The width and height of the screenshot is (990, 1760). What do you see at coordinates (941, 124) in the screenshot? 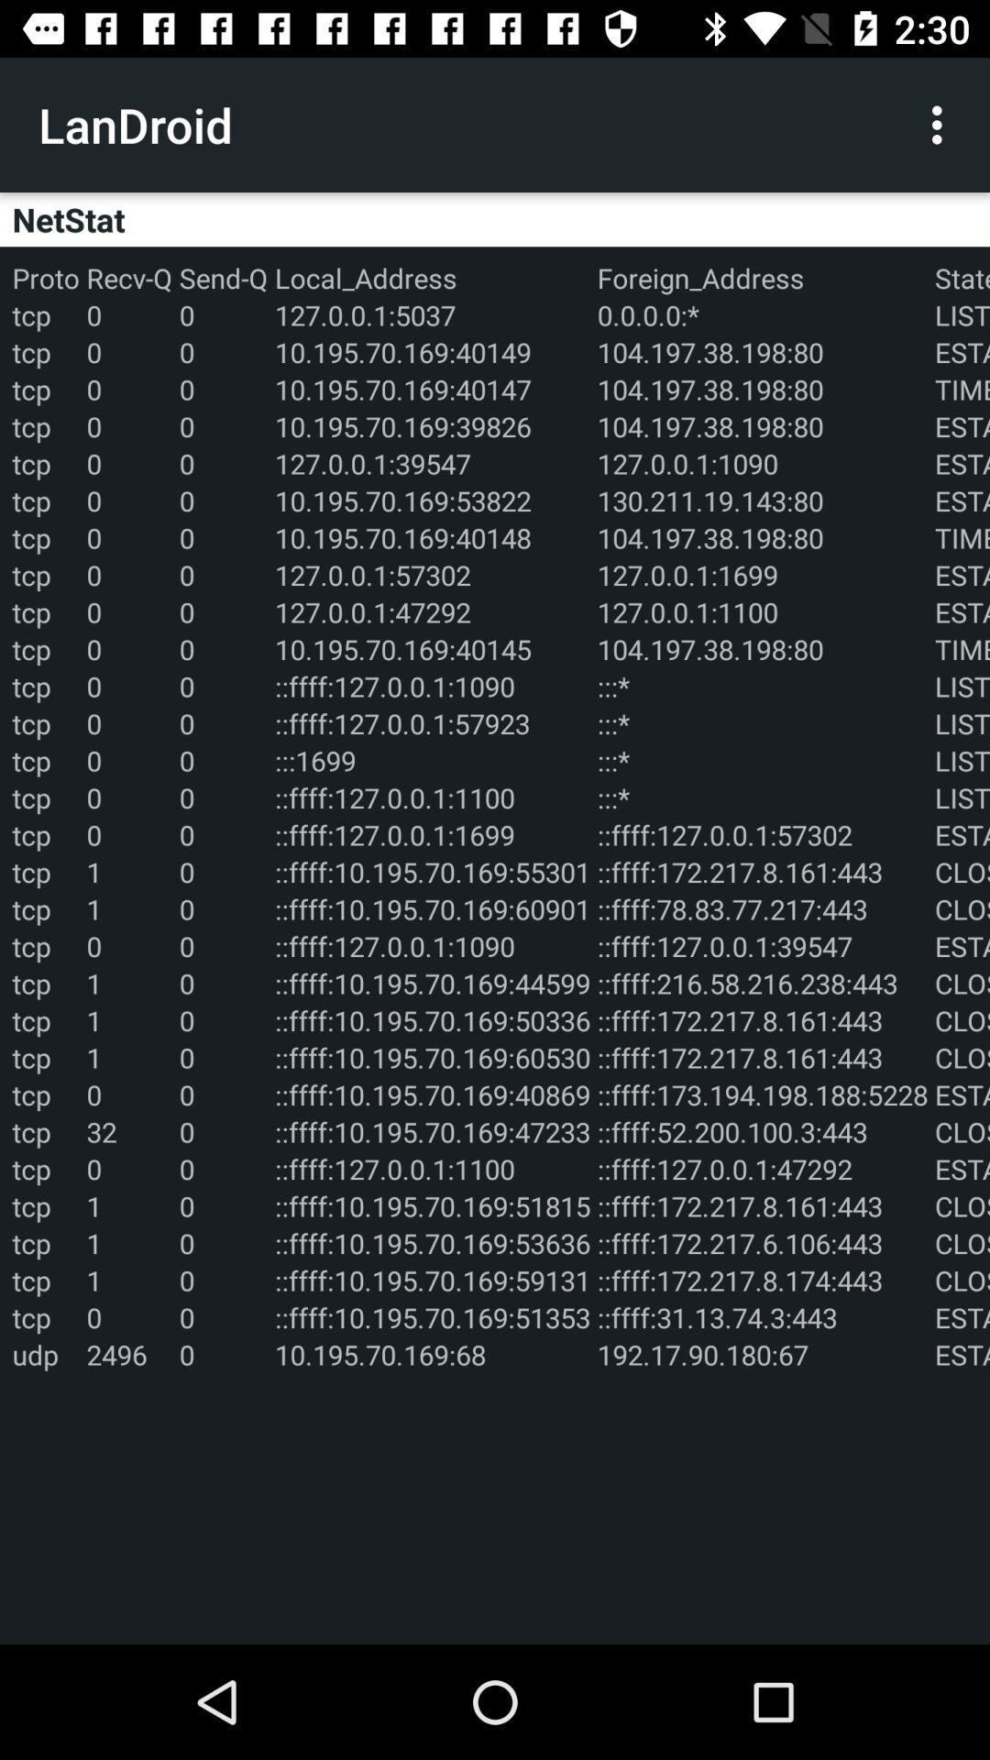
I see `the icon next to the landroid icon` at bounding box center [941, 124].